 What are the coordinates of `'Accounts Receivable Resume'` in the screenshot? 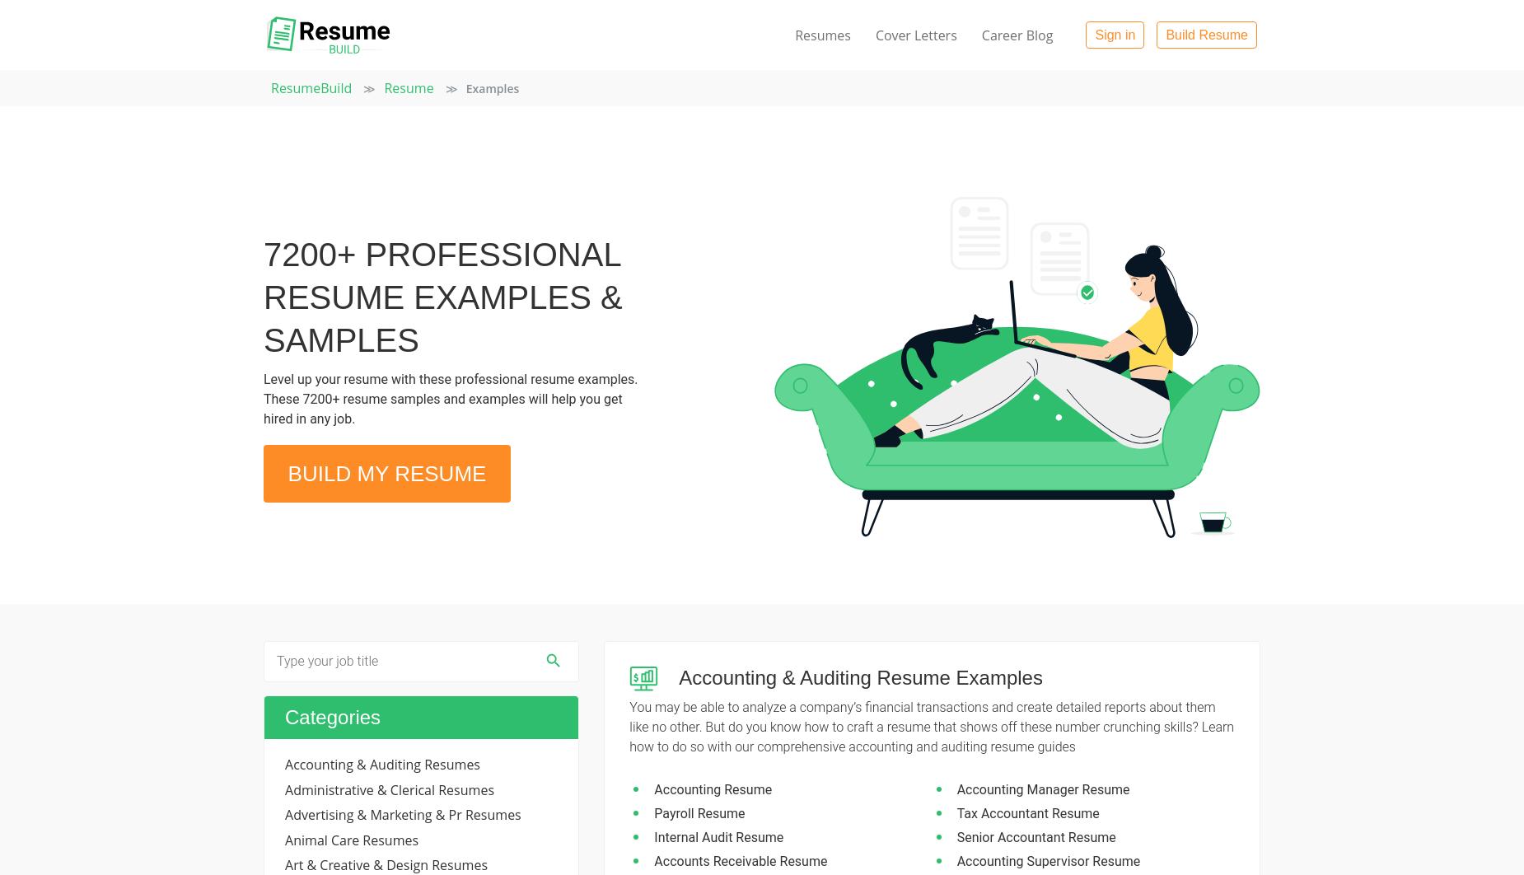 It's located at (740, 860).